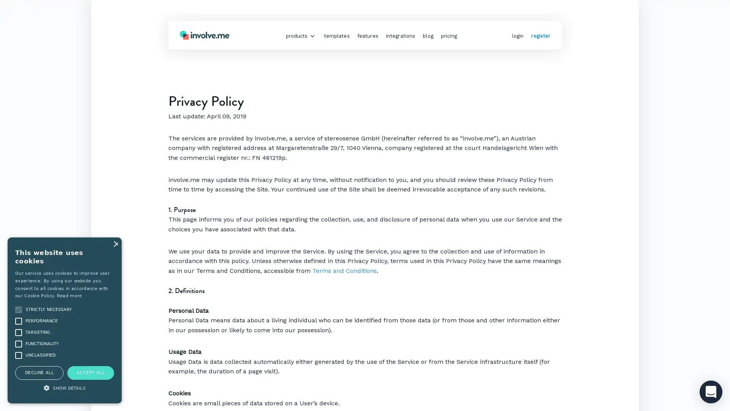  What do you see at coordinates (64, 389) in the screenshot?
I see `SHOW DETAILS` at bounding box center [64, 389].